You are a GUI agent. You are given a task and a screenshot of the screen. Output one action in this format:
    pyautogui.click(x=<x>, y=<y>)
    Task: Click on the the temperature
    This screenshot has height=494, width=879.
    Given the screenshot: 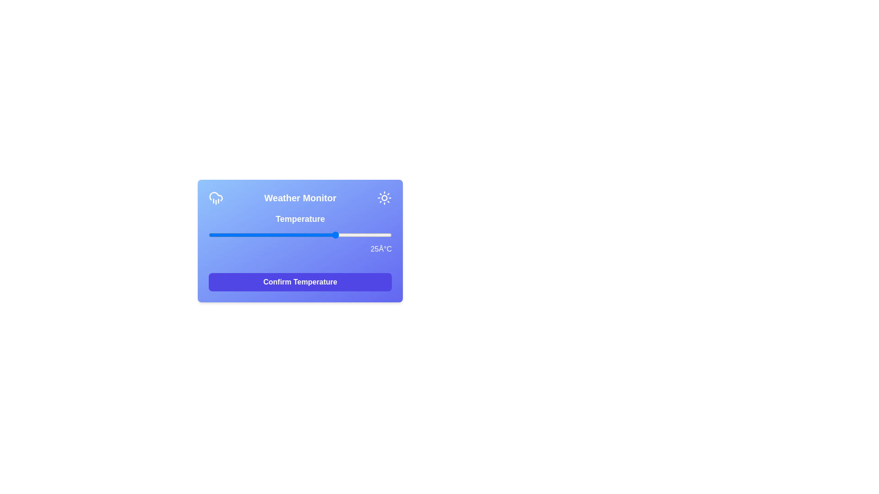 What is the action you would take?
    pyautogui.click(x=388, y=234)
    